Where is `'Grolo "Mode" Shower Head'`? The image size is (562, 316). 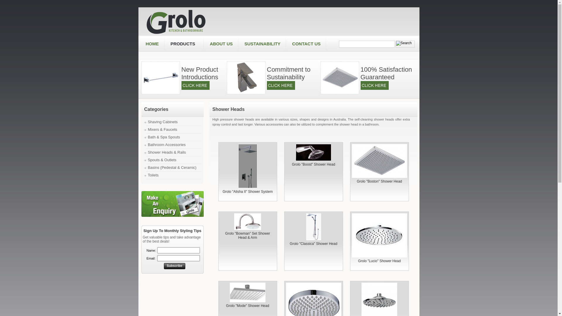
'Grolo "Mode" Shower Head' is located at coordinates (247, 305).